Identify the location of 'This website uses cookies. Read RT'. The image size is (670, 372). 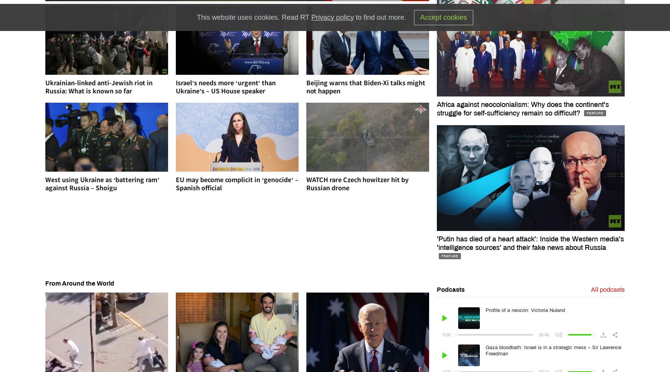
(196, 16).